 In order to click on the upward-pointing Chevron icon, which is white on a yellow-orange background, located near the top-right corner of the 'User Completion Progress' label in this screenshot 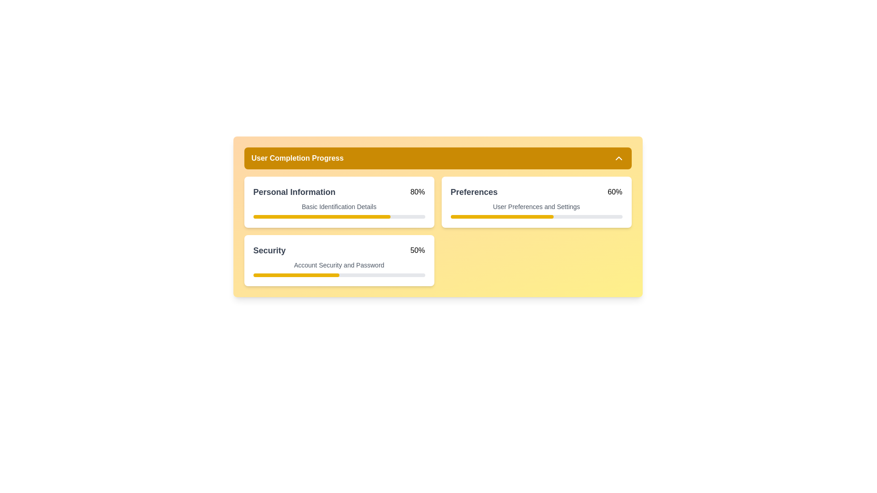, I will do `click(618, 158)`.